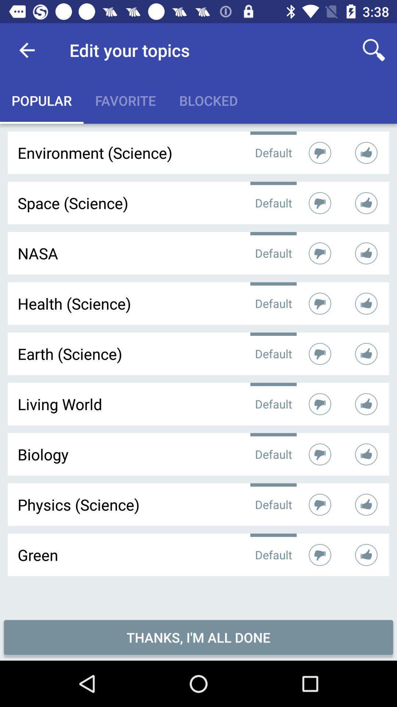  What do you see at coordinates (273, 303) in the screenshot?
I see `the default option which is to the right side of health science option` at bounding box center [273, 303].